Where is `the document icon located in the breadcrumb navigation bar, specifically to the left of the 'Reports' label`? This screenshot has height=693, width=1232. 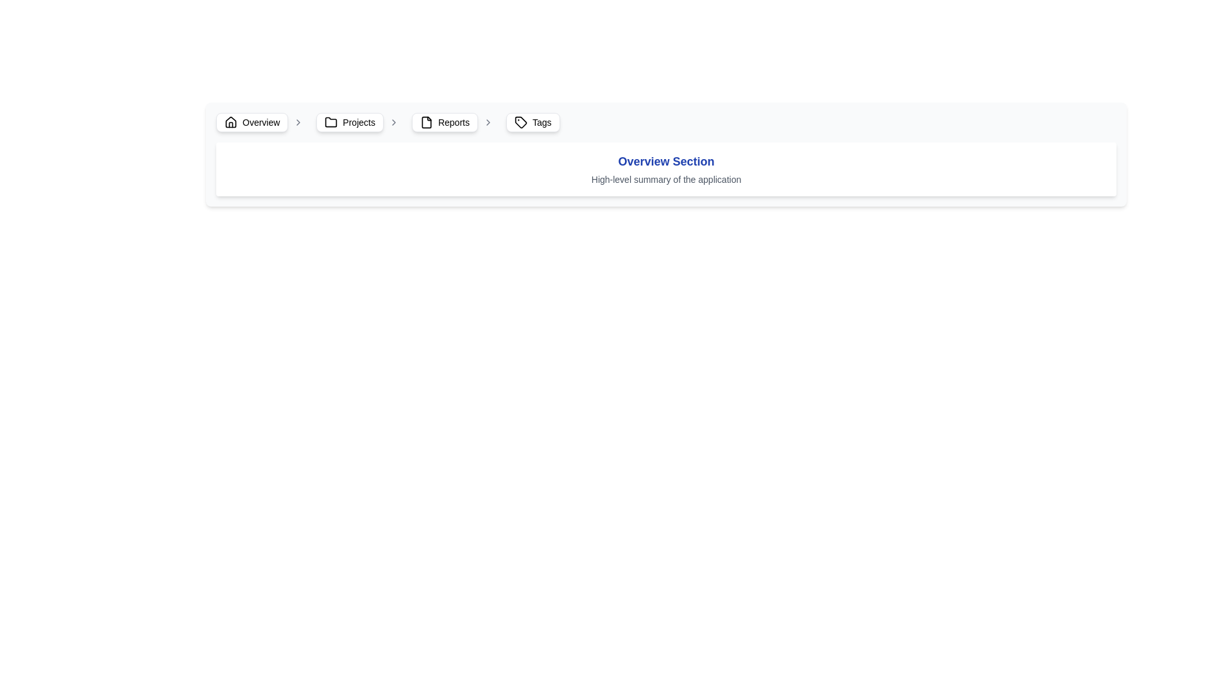 the document icon located in the breadcrumb navigation bar, specifically to the left of the 'Reports' label is located at coordinates (426, 123).